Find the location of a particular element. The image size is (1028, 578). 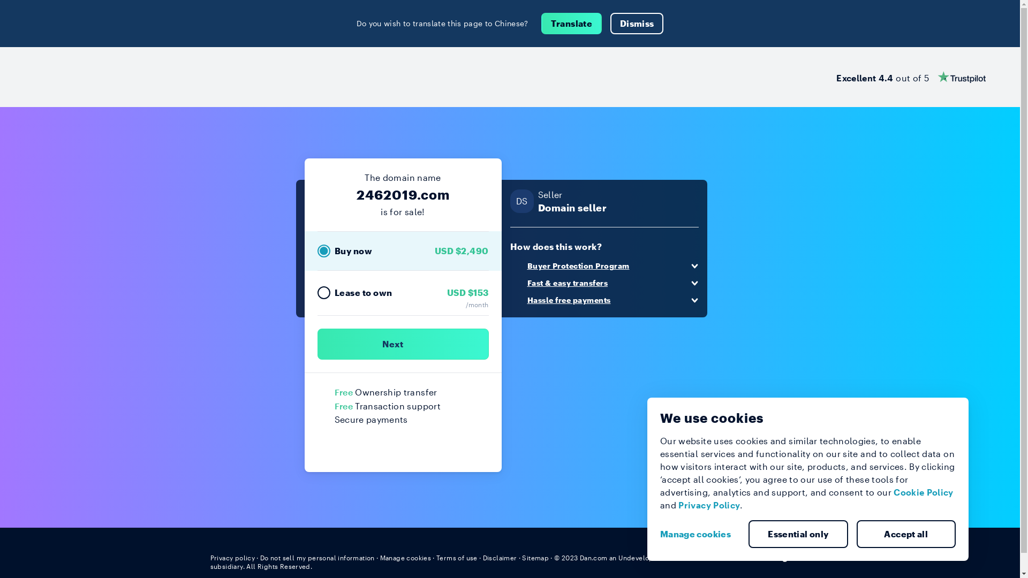

'English' is located at coordinates (790, 557).